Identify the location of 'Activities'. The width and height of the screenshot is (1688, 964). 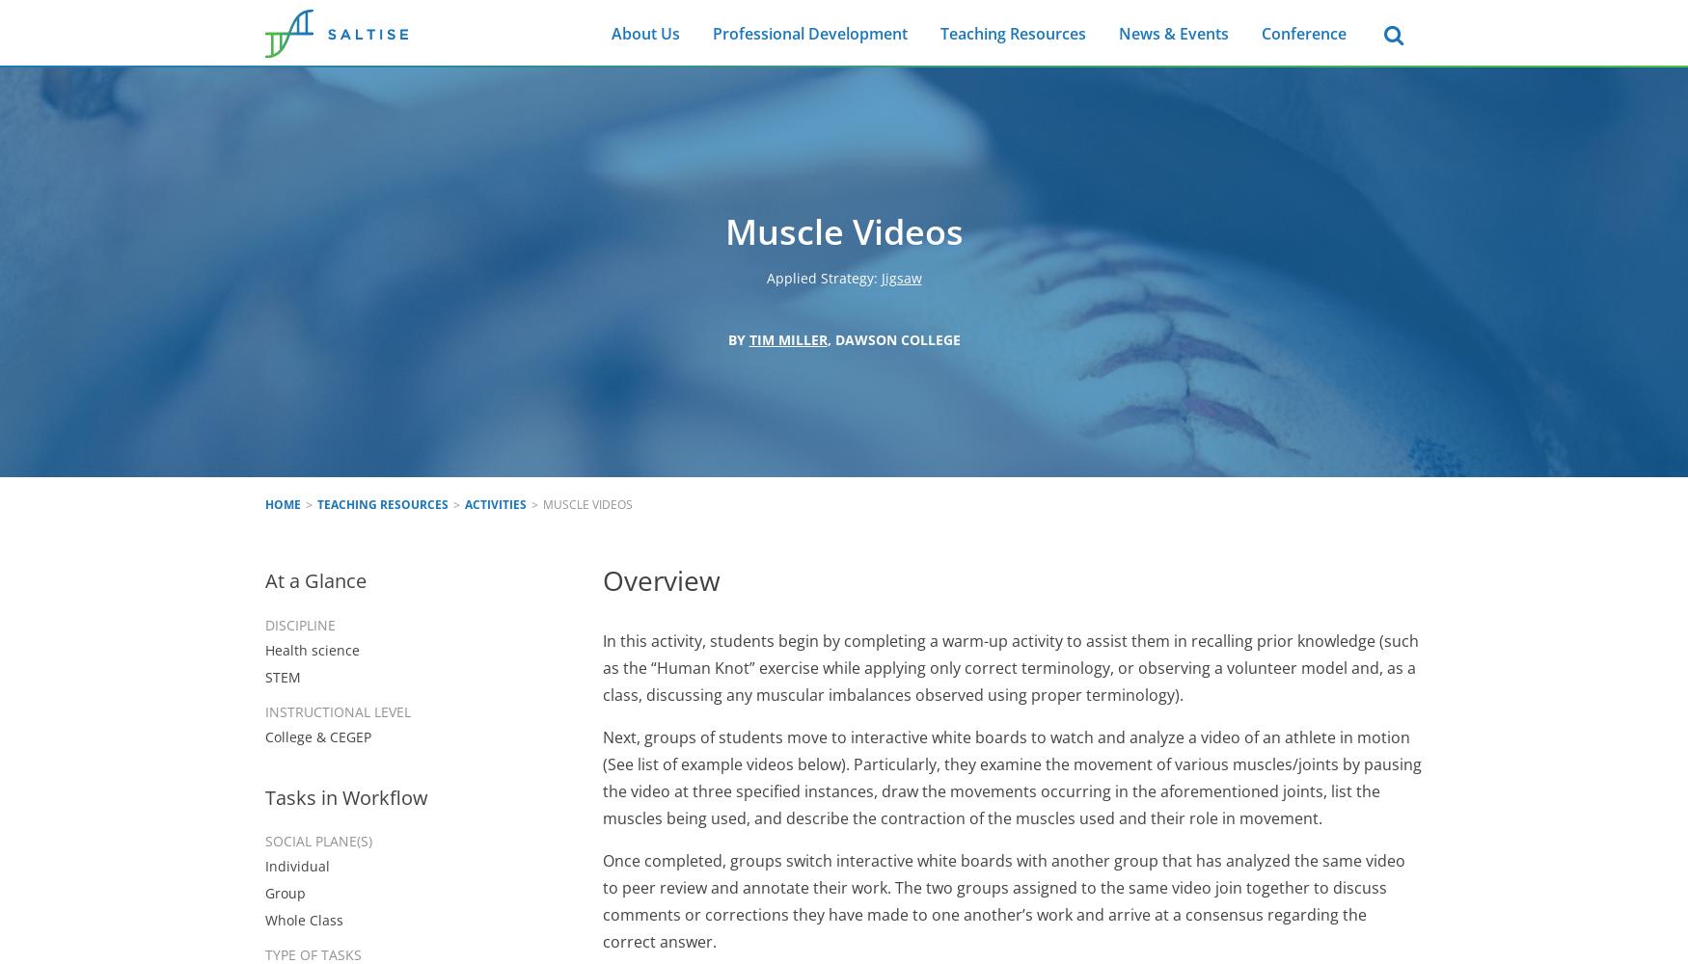
(494, 504).